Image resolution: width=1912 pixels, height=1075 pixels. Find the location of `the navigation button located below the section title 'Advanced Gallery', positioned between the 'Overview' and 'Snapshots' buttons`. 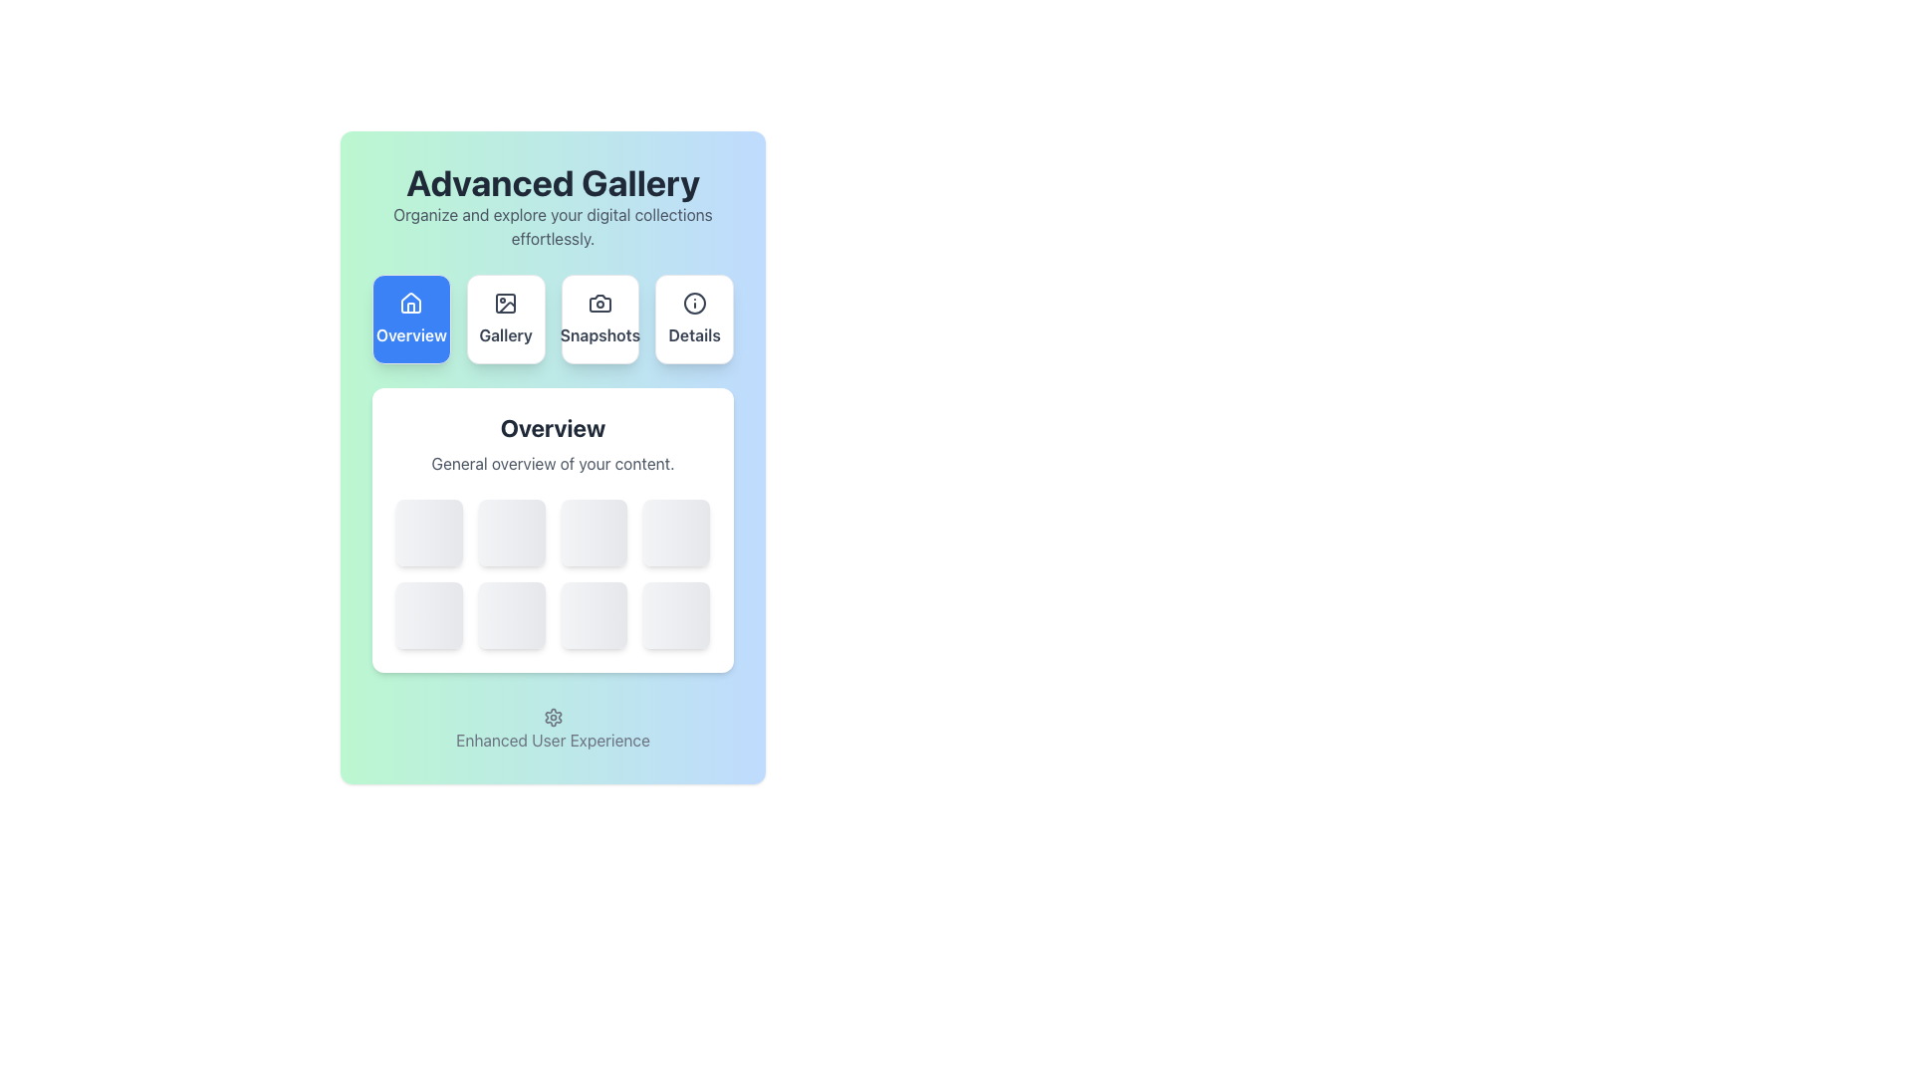

the navigation button located below the section title 'Advanced Gallery', positioned between the 'Overview' and 'Snapshots' buttons is located at coordinates (506, 318).